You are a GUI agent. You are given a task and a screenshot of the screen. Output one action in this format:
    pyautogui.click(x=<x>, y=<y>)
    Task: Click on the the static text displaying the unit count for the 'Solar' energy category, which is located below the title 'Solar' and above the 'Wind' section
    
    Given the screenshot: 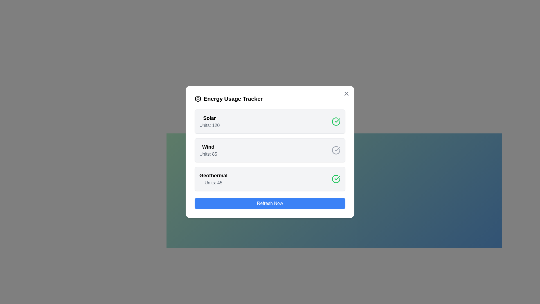 What is the action you would take?
    pyautogui.click(x=209, y=125)
    